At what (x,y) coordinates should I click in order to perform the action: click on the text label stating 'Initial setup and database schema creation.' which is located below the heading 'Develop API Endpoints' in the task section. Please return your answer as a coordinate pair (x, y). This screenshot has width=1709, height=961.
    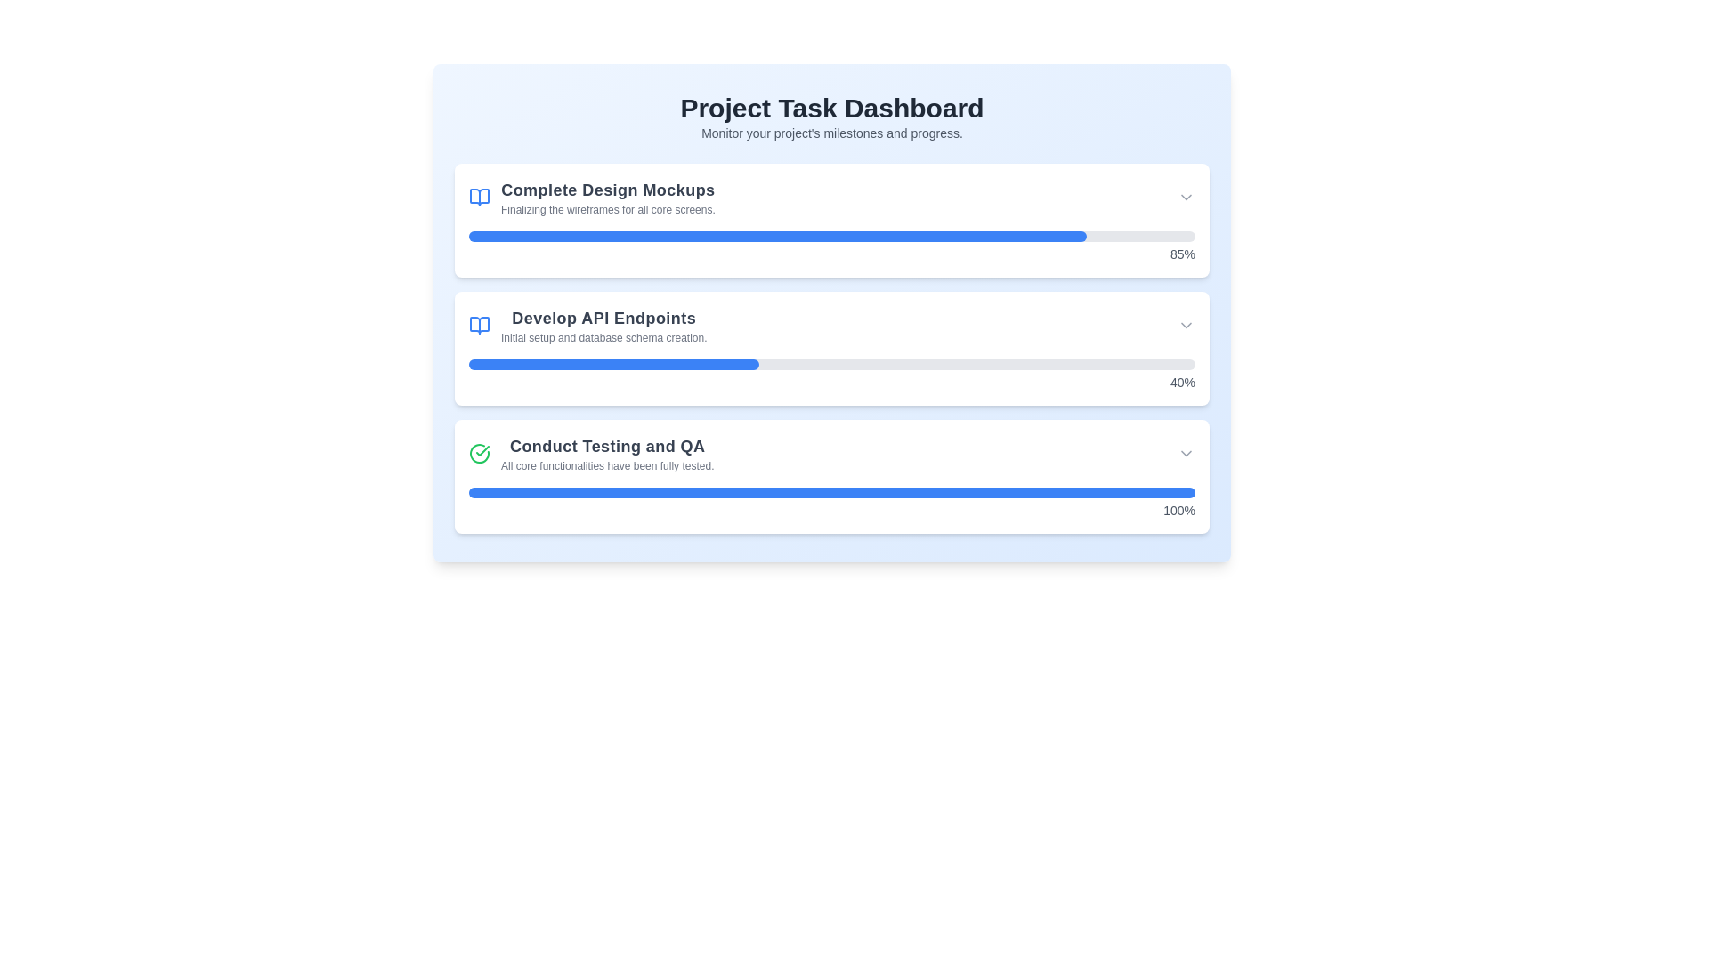
    Looking at the image, I should click on (603, 338).